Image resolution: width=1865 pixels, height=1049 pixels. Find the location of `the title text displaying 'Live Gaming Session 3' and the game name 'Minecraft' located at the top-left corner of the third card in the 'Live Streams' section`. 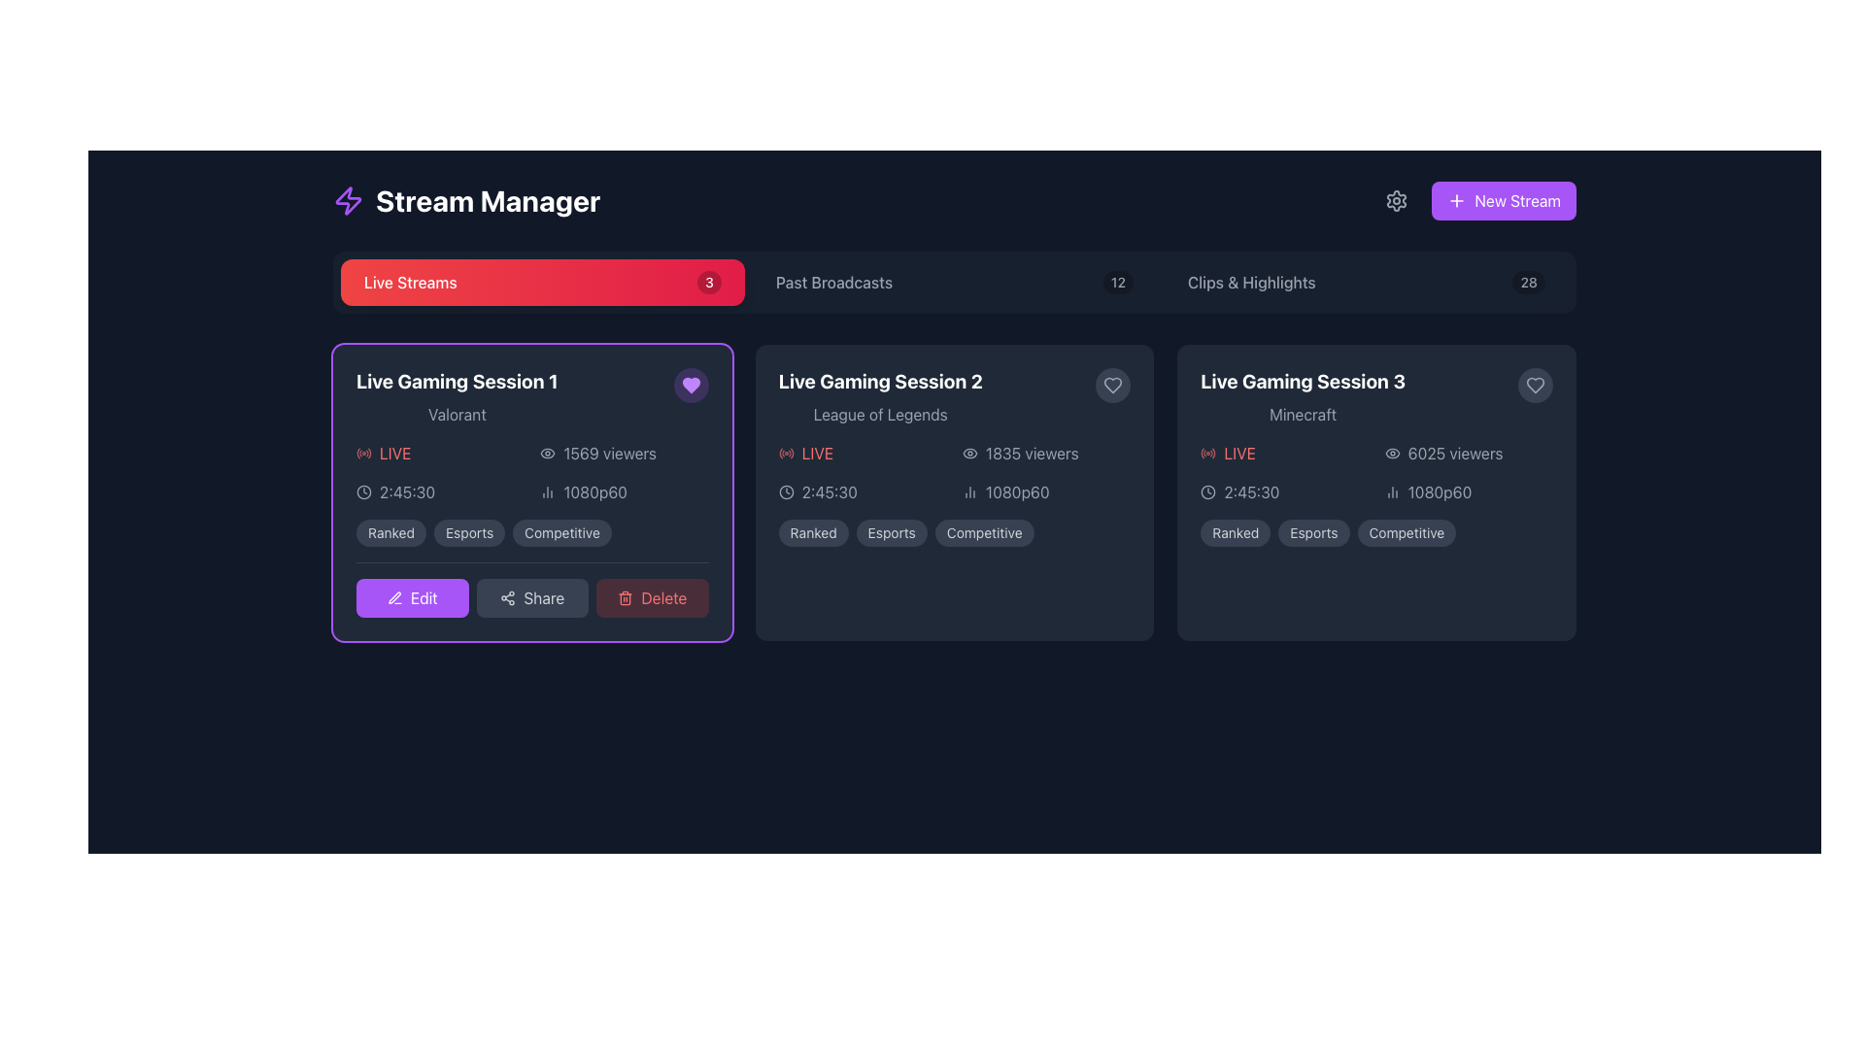

the title text displaying 'Live Gaming Session 3' and the game name 'Minecraft' located at the top-left corner of the third card in the 'Live Streams' section is located at coordinates (1303, 395).